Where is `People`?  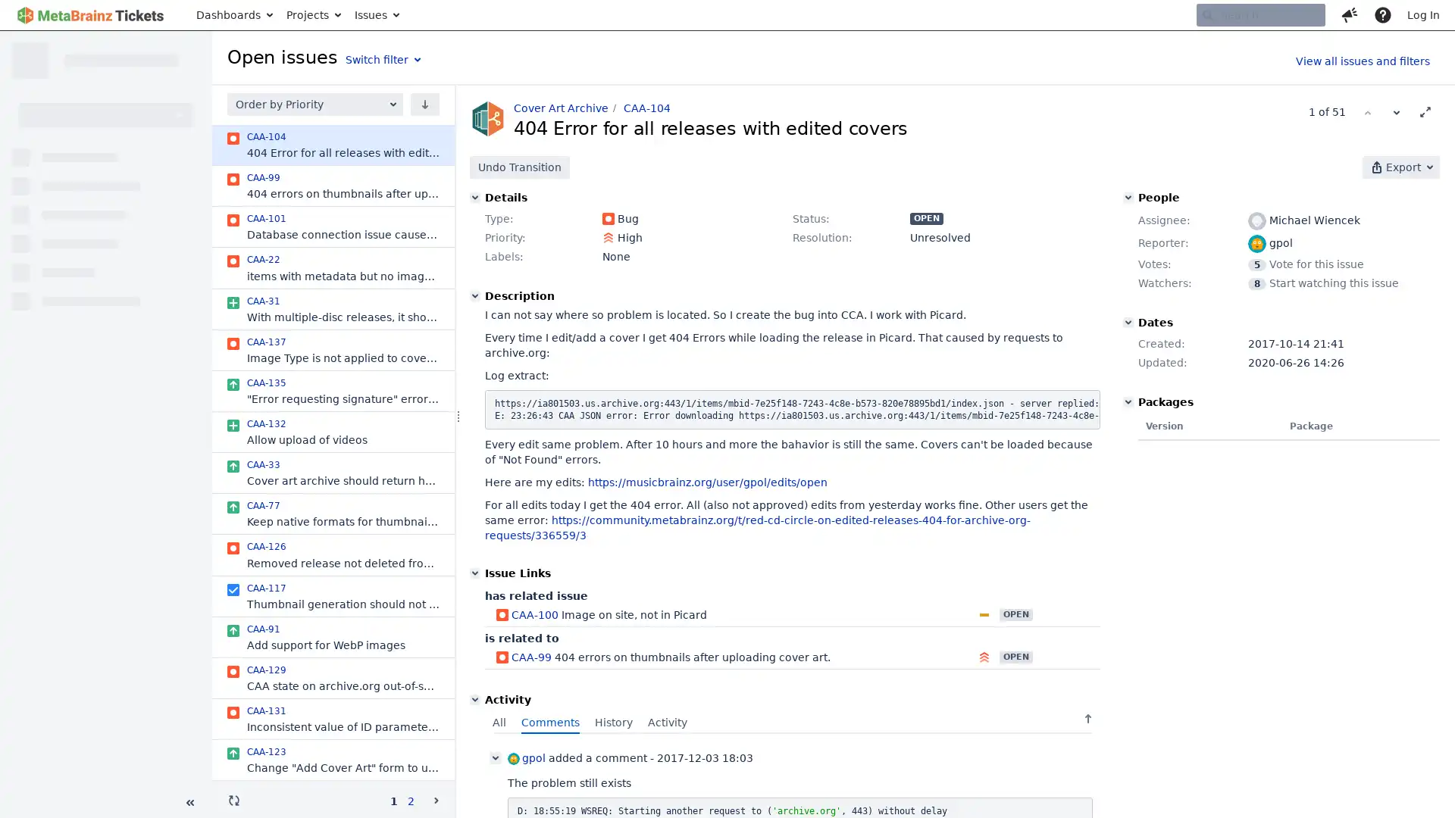
People is located at coordinates (1128, 197).